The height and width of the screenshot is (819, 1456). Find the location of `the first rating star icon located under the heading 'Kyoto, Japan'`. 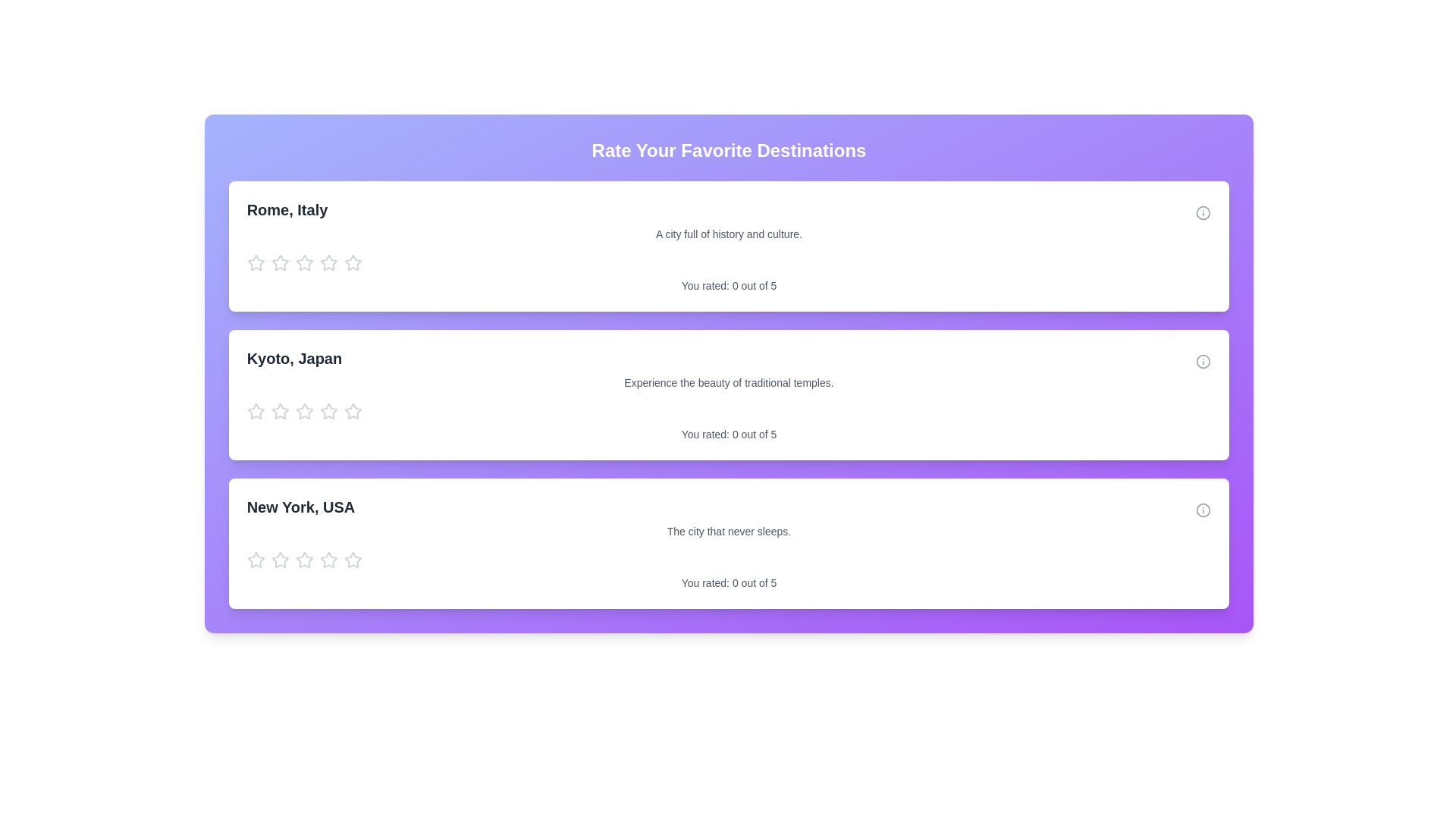

the first rating star icon located under the heading 'Kyoto, Japan' is located at coordinates (256, 411).